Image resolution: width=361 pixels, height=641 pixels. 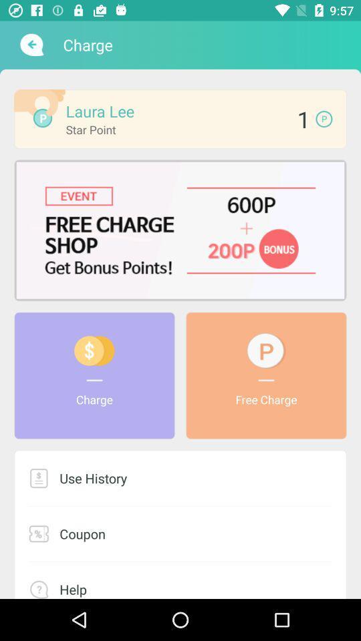 I want to click on this is a link to a special offer, so click(x=180, y=230).